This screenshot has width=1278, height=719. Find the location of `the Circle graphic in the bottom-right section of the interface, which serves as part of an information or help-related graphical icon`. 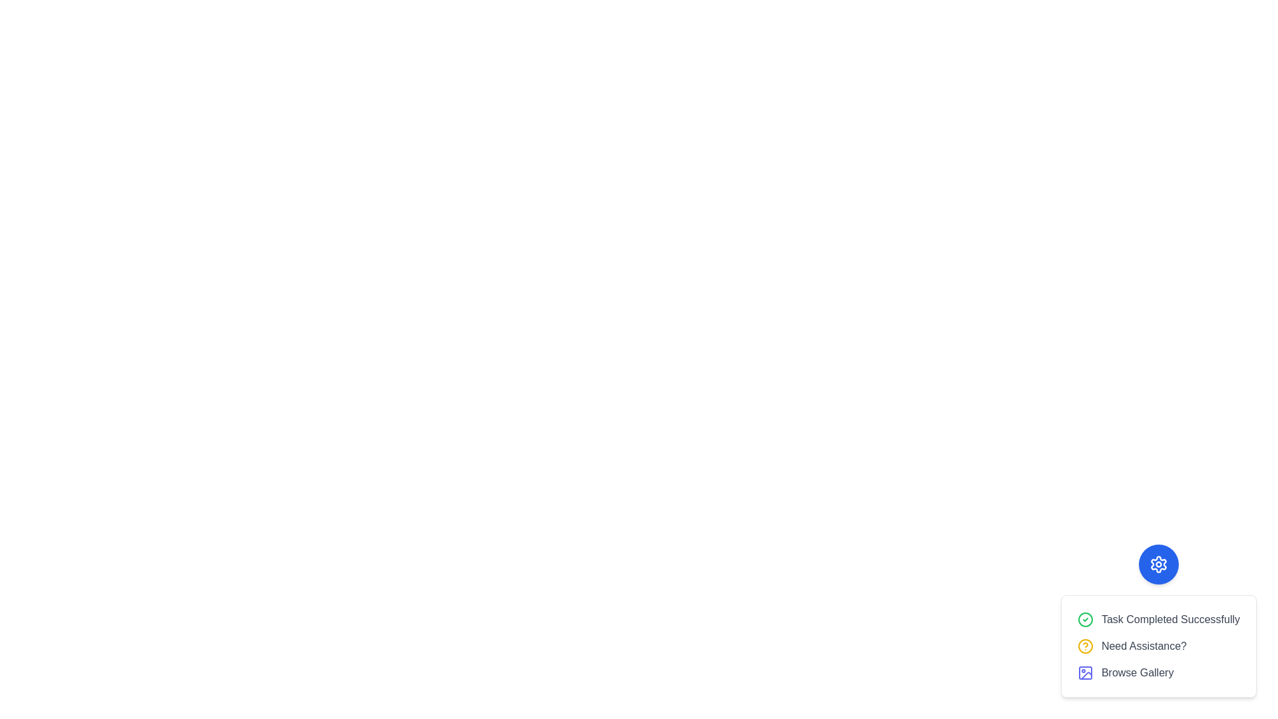

the Circle graphic in the bottom-right section of the interface, which serves as part of an information or help-related graphical icon is located at coordinates (1085, 646).